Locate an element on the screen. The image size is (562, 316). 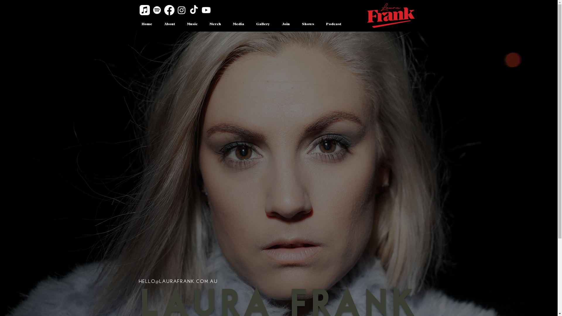
'Gallery' is located at coordinates (262, 24).